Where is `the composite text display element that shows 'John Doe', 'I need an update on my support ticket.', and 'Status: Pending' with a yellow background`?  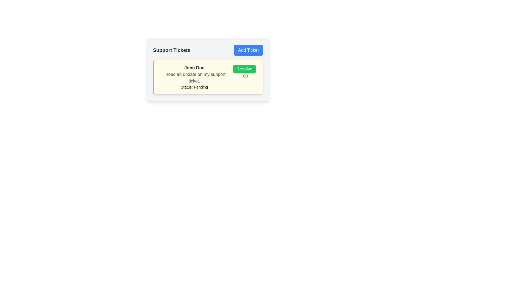 the composite text display element that shows 'John Doe', 'I need an update on my support ticket.', and 'Status: Pending' with a yellow background is located at coordinates (194, 77).